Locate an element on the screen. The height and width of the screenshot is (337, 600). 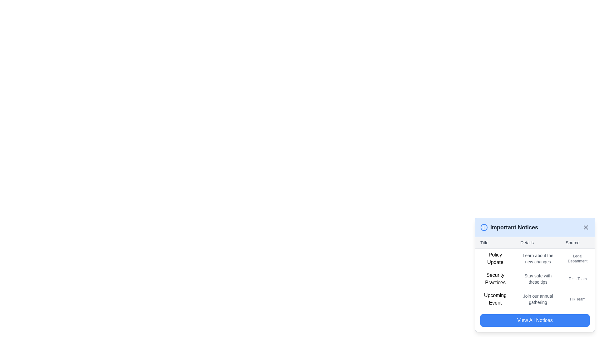
the text element that presents descriptive information about an upcoming event, located between 'Upcoming Event' and 'HR Team' is located at coordinates (537, 299).